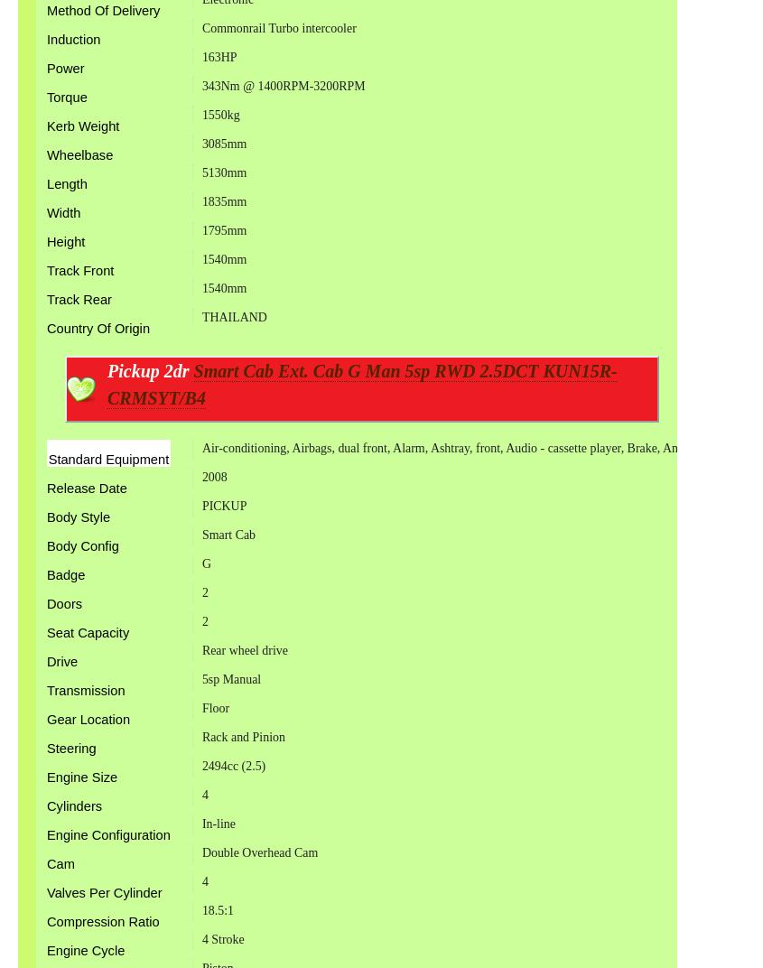  What do you see at coordinates (45, 747) in the screenshot?
I see `'Steering'` at bounding box center [45, 747].